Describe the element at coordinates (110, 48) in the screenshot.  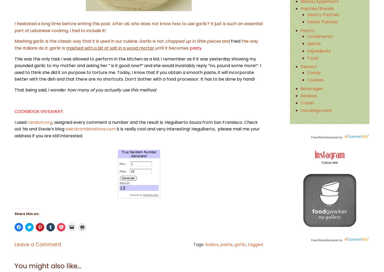
I see `'mashed with a bit of salt in a wood mortar'` at that location.